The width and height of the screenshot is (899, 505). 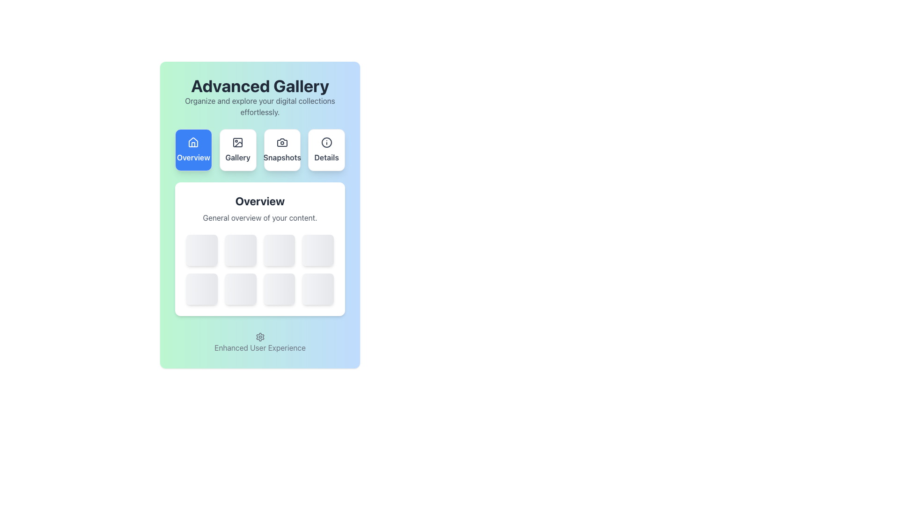 I want to click on the Navigation Menu tab located beneath the 'Advanced Gallery' heading, so click(x=260, y=149).